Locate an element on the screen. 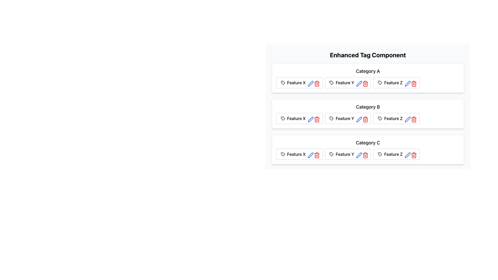  the edit icon button located in the 'Feature Y' section under 'Category C' is located at coordinates (359, 155).